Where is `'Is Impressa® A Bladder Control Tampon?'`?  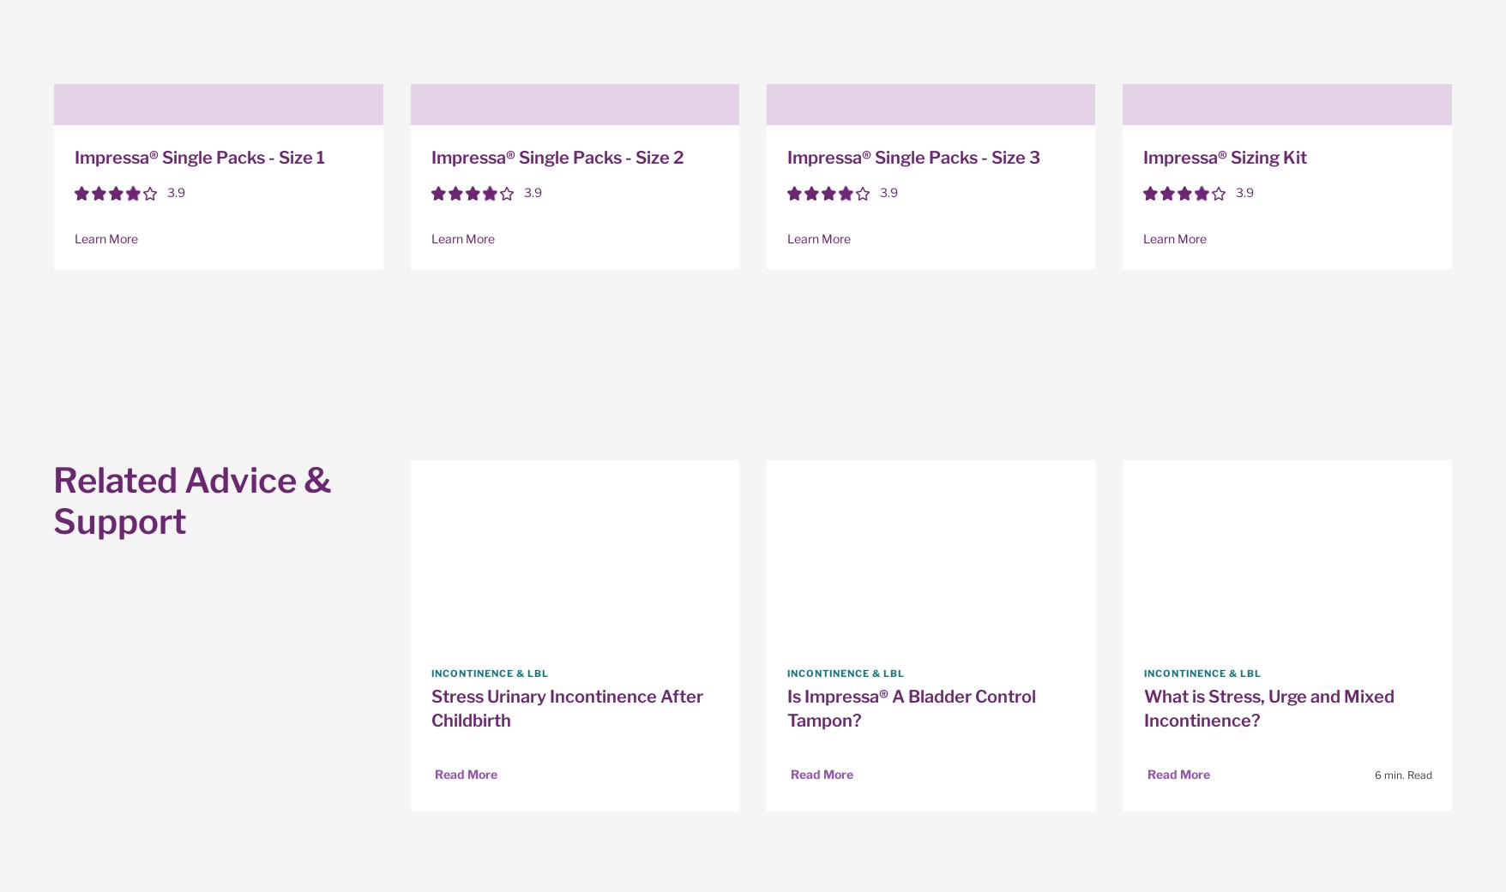 'Is Impressa® A Bladder Control Tampon?' is located at coordinates (911, 708).